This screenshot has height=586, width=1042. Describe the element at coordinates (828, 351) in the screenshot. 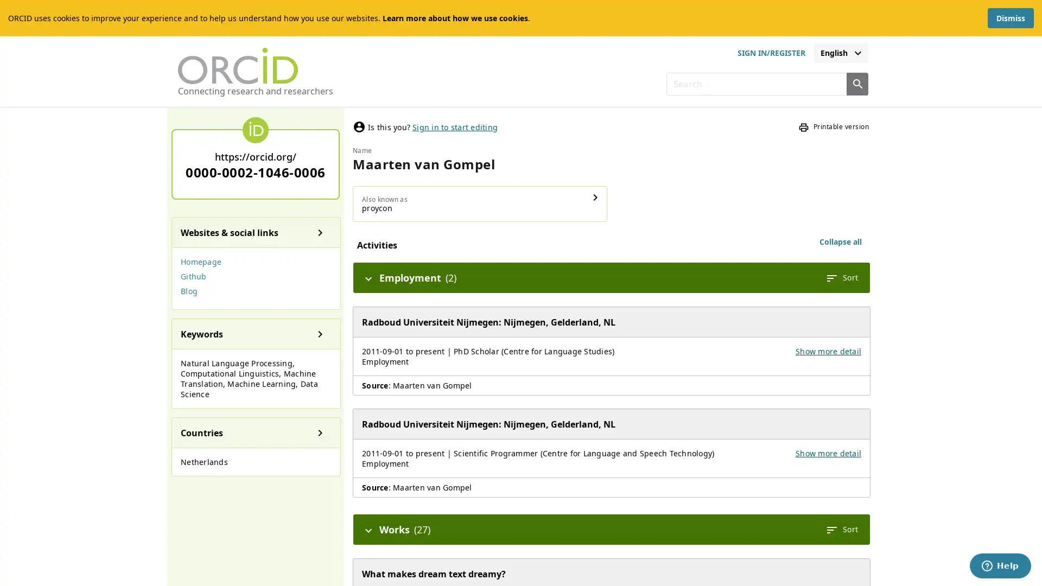

I see `Show more detail` at that location.